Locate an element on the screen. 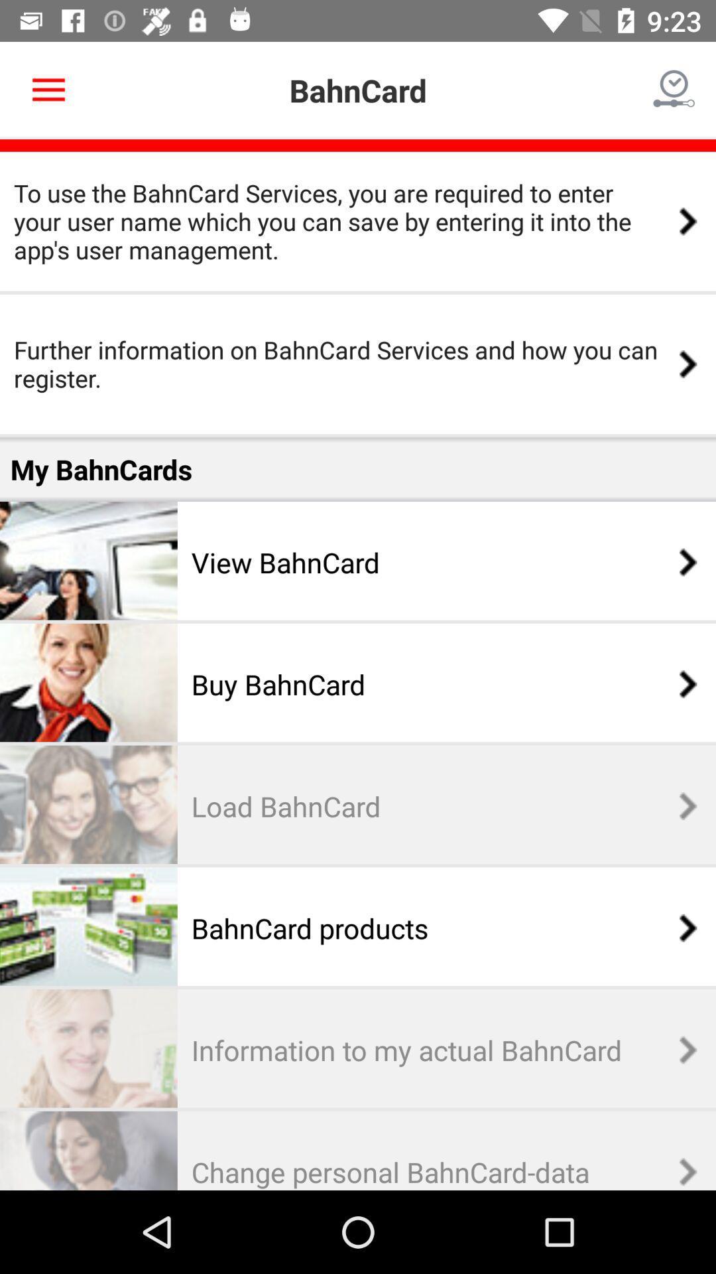  the front arrow which is next to change personal bahncarddata is located at coordinates (681, 1170).